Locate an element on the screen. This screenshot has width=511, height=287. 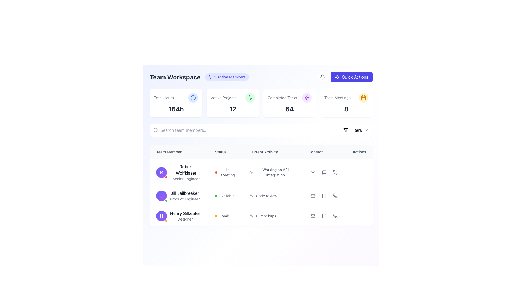
the second icon in the 'Actions' column for the last row of the 'Team Member' table is located at coordinates (324, 216).